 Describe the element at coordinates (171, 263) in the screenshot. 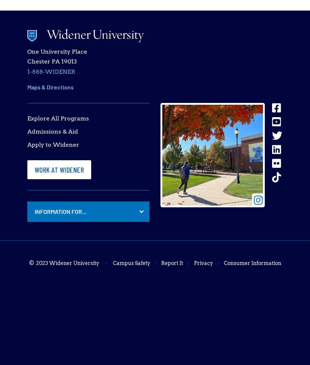

I see `'Report It'` at that location.